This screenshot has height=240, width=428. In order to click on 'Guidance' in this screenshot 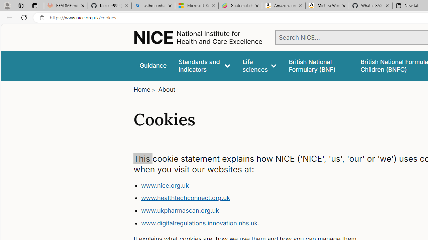, I will do `click(153, 66)`.